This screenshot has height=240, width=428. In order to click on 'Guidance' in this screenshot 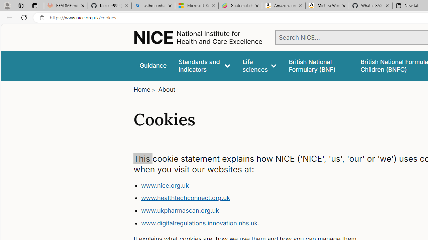, I will do `click(153, 66)`.